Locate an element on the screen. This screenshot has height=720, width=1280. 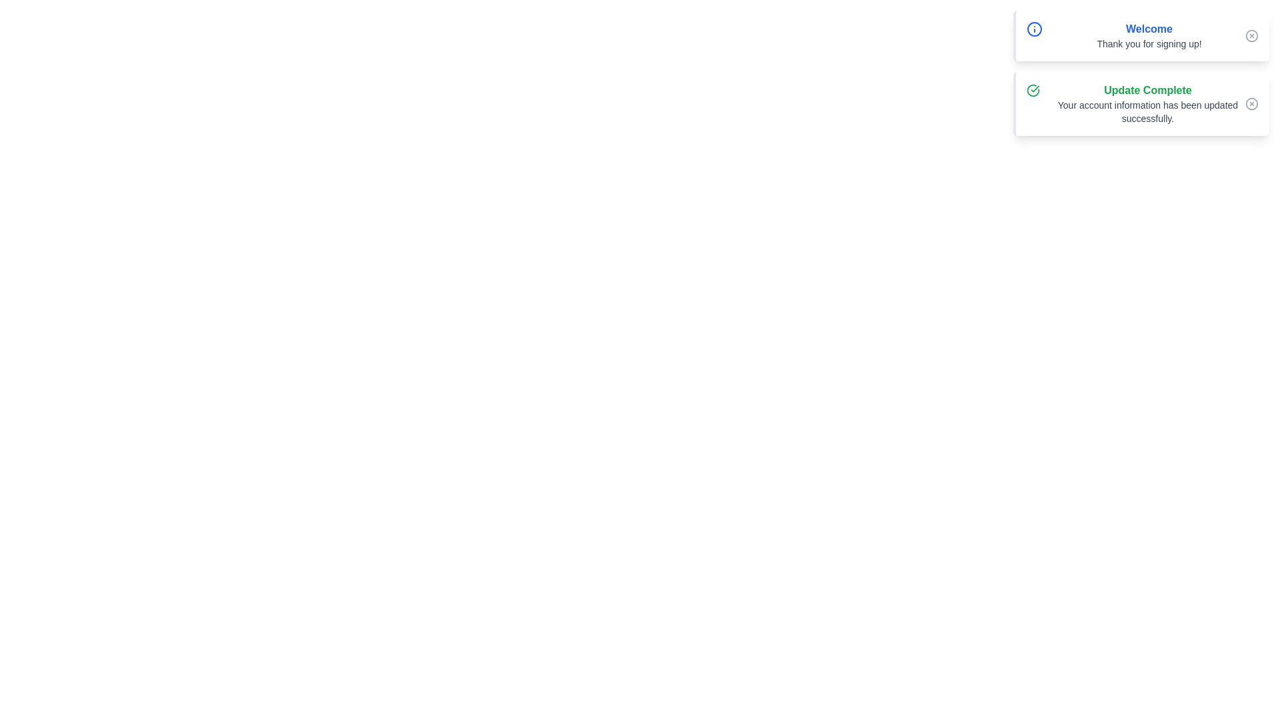
the circular icon with a green checkmark inside, which is part of the 'Update Complete' notification card positioned at the top-left corner of the card is located at coordinates (1033, 90).